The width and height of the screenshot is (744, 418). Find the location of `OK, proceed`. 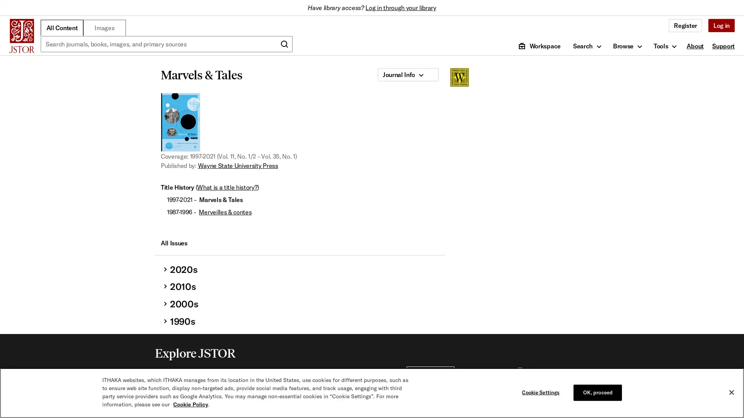

OK, proceed is located at coordinates (597, 392).